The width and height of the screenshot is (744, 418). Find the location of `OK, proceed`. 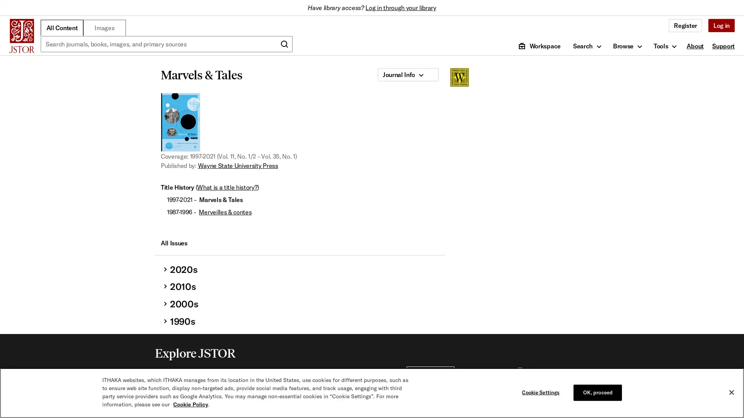

OK, proceed is located at coordinates (597, 392).